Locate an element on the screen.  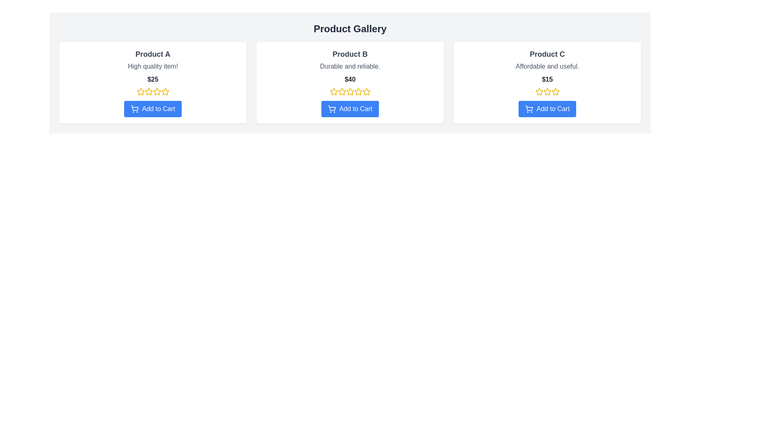
the one-star rating icon located in the rightmost product card of the 'Product Gallery' section, positioned below the text 'Product C' and above the 'Add to Cart' button is located at coordinates (539, 91).